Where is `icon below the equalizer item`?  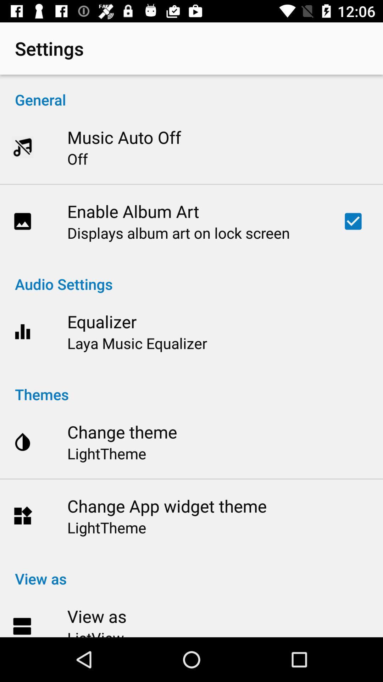 icon below the equalizer item is located at coordinates (137, 343).